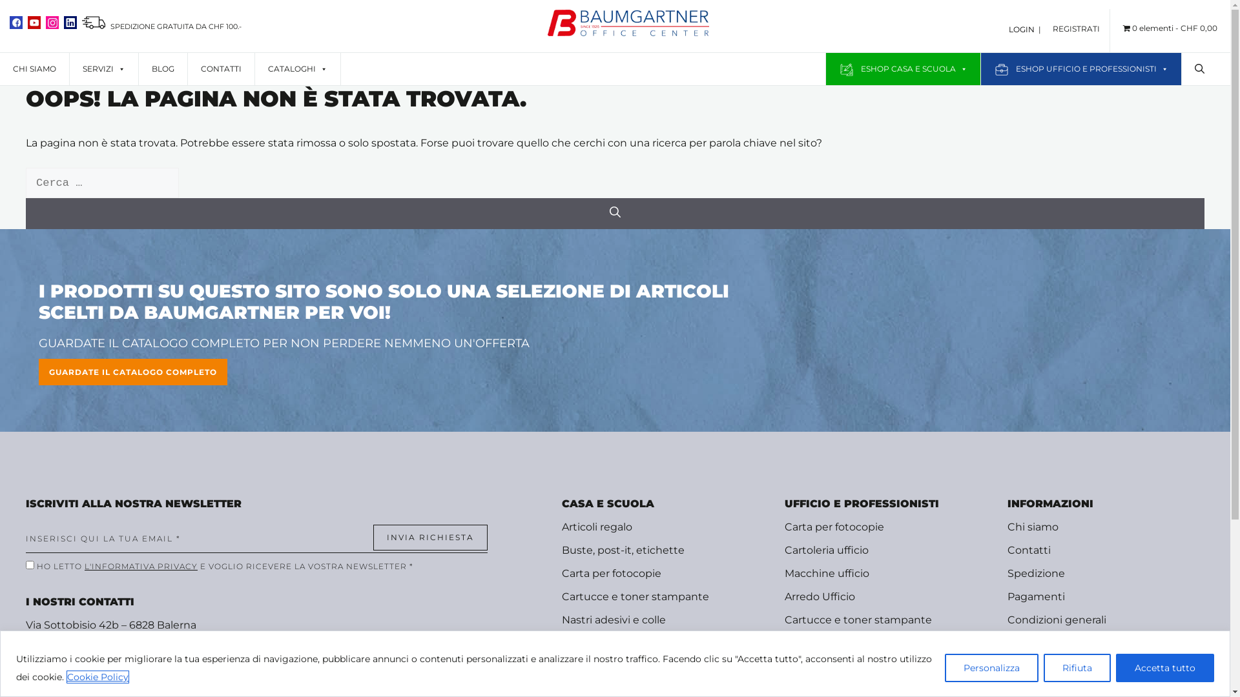 This screenshot has height=697, width=1240. What do you see at coordinates (1170, 28) in the screenshot?
I see `'0 elementiCHF 0,00'` at bounding box center [1170, 28].